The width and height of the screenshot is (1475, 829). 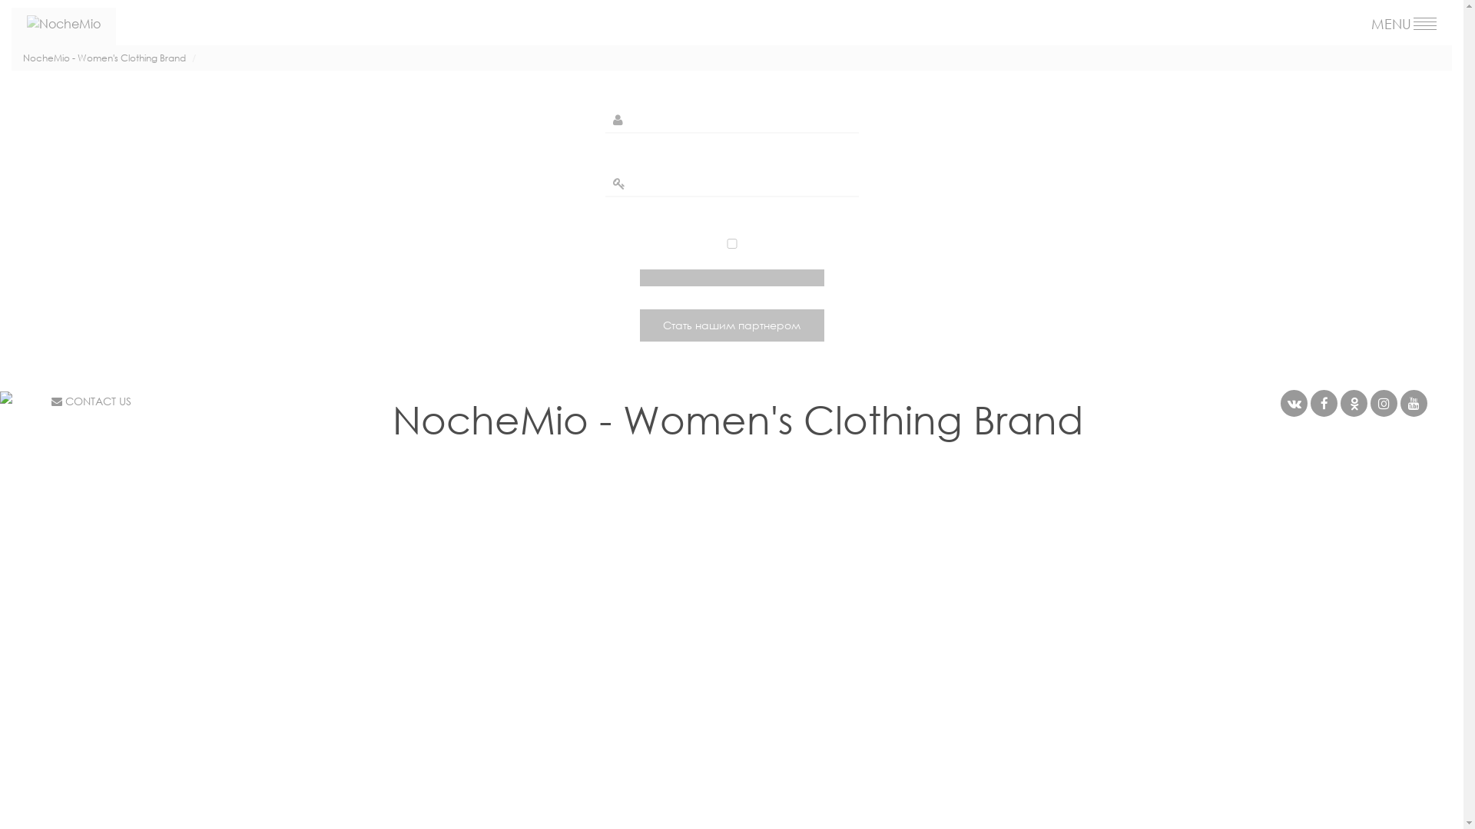 I want to click on 'Official account NocheMio in Odnoklassniki', so click(x=1354, y=402).